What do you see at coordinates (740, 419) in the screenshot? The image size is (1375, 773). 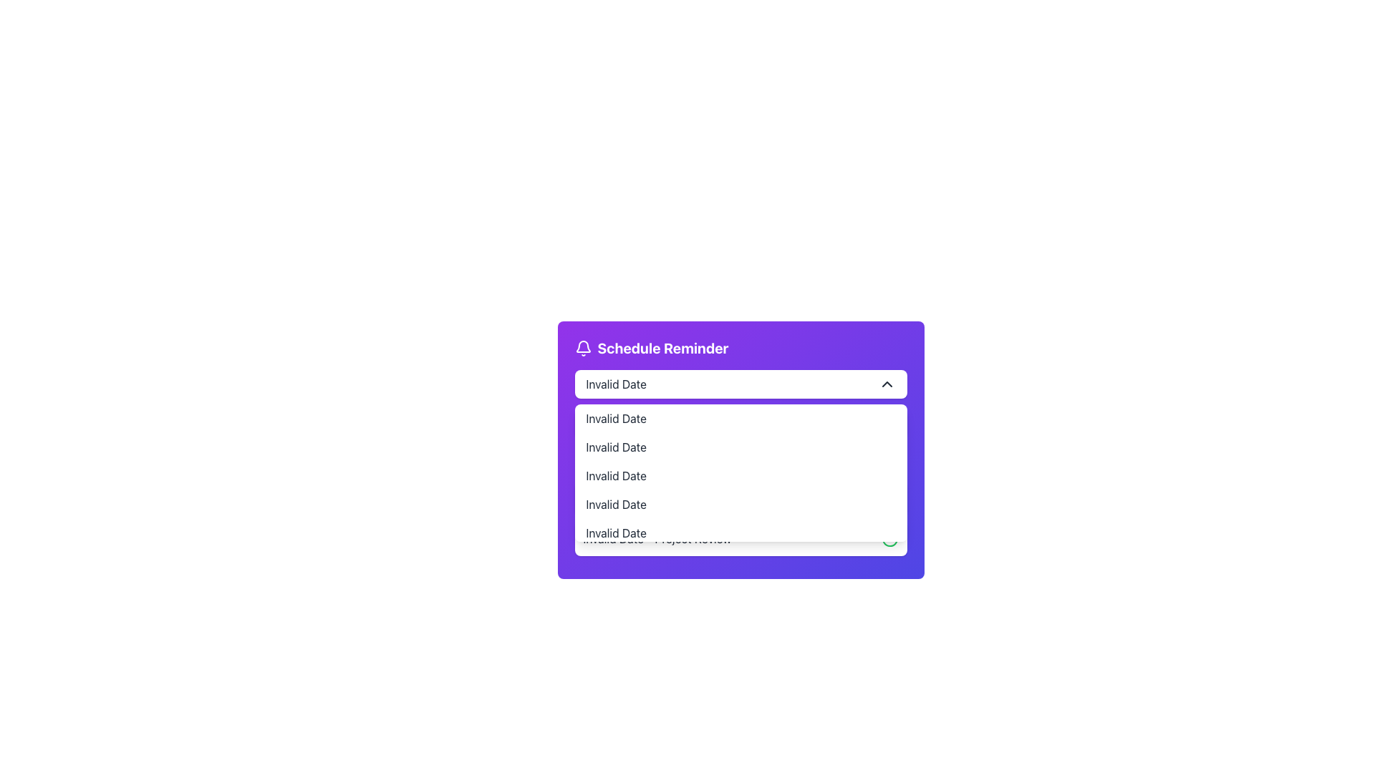 I see `to select the first option in the dropdown menu located directly below the dropdown's input box` at bounding box center [740, 419].